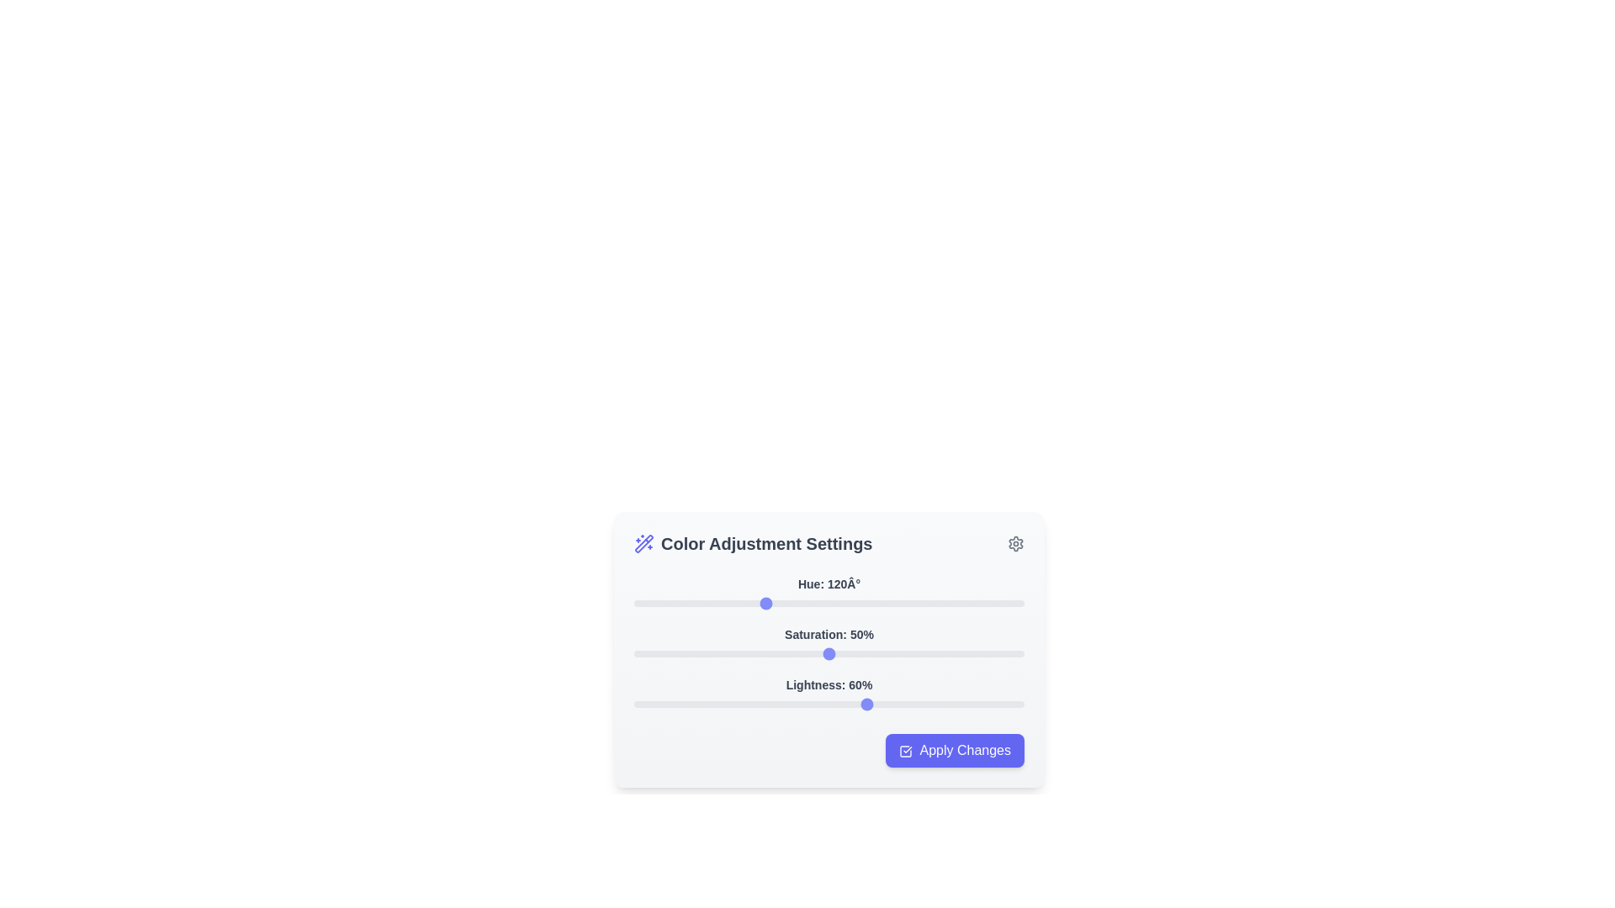 The width and height of the screenshot is (1615, 908). Describe the element at coordinates (871, 653) in the screenshot. I see `the saturation` at that location.